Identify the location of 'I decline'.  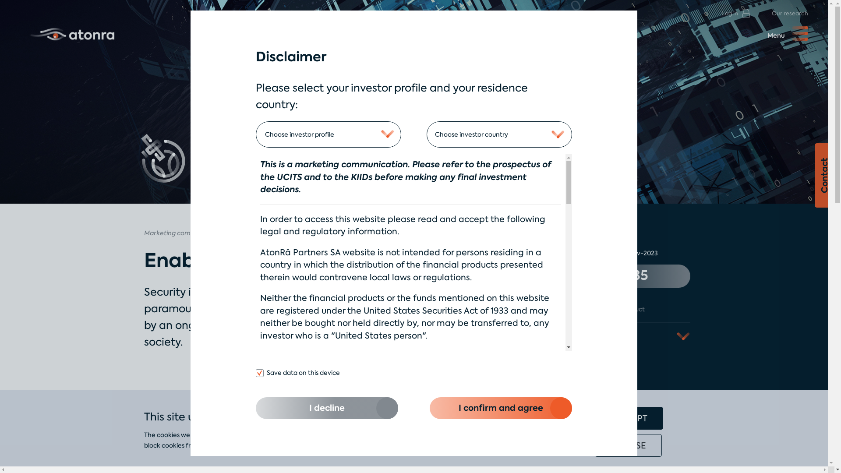
(326, 408).